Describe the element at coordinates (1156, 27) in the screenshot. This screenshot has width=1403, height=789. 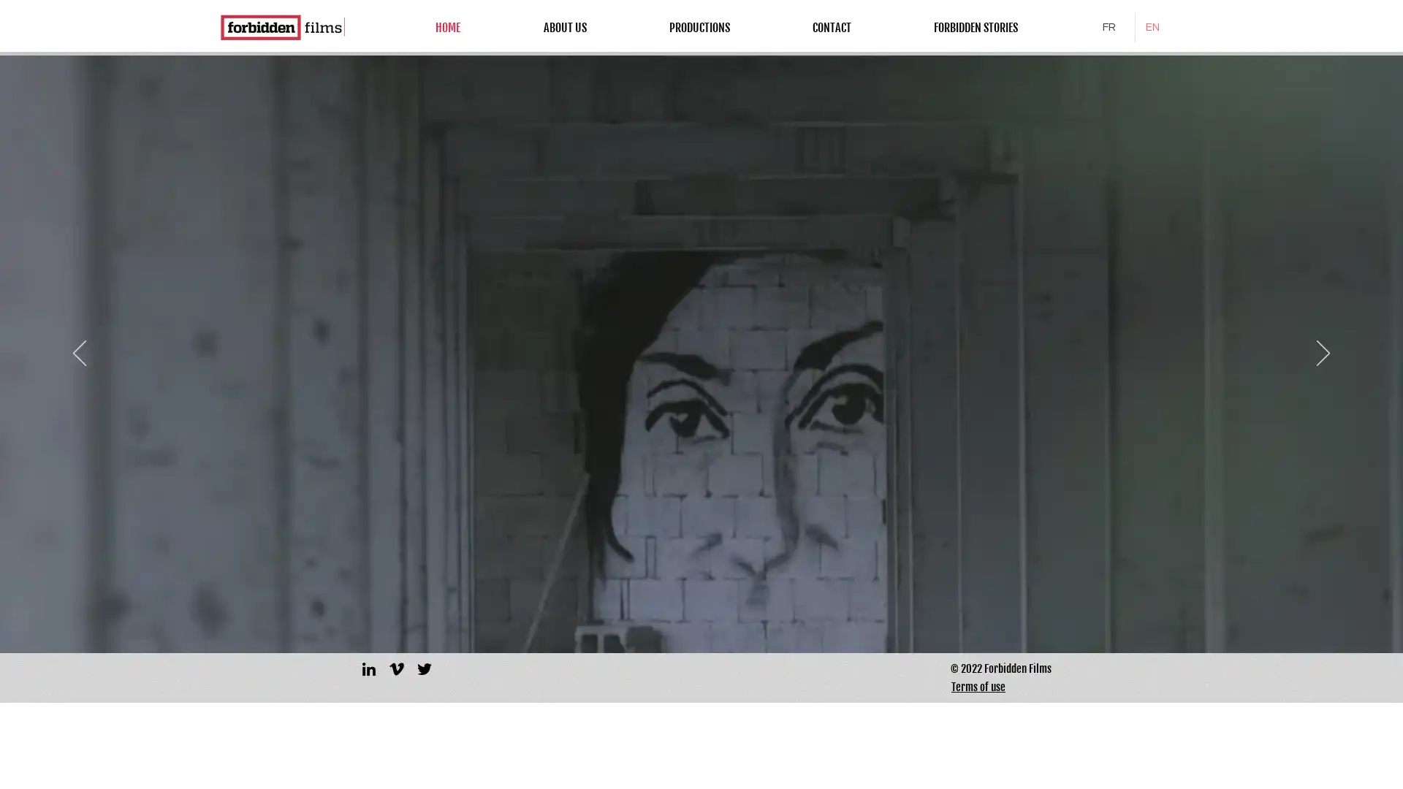
I see `English` at that location.